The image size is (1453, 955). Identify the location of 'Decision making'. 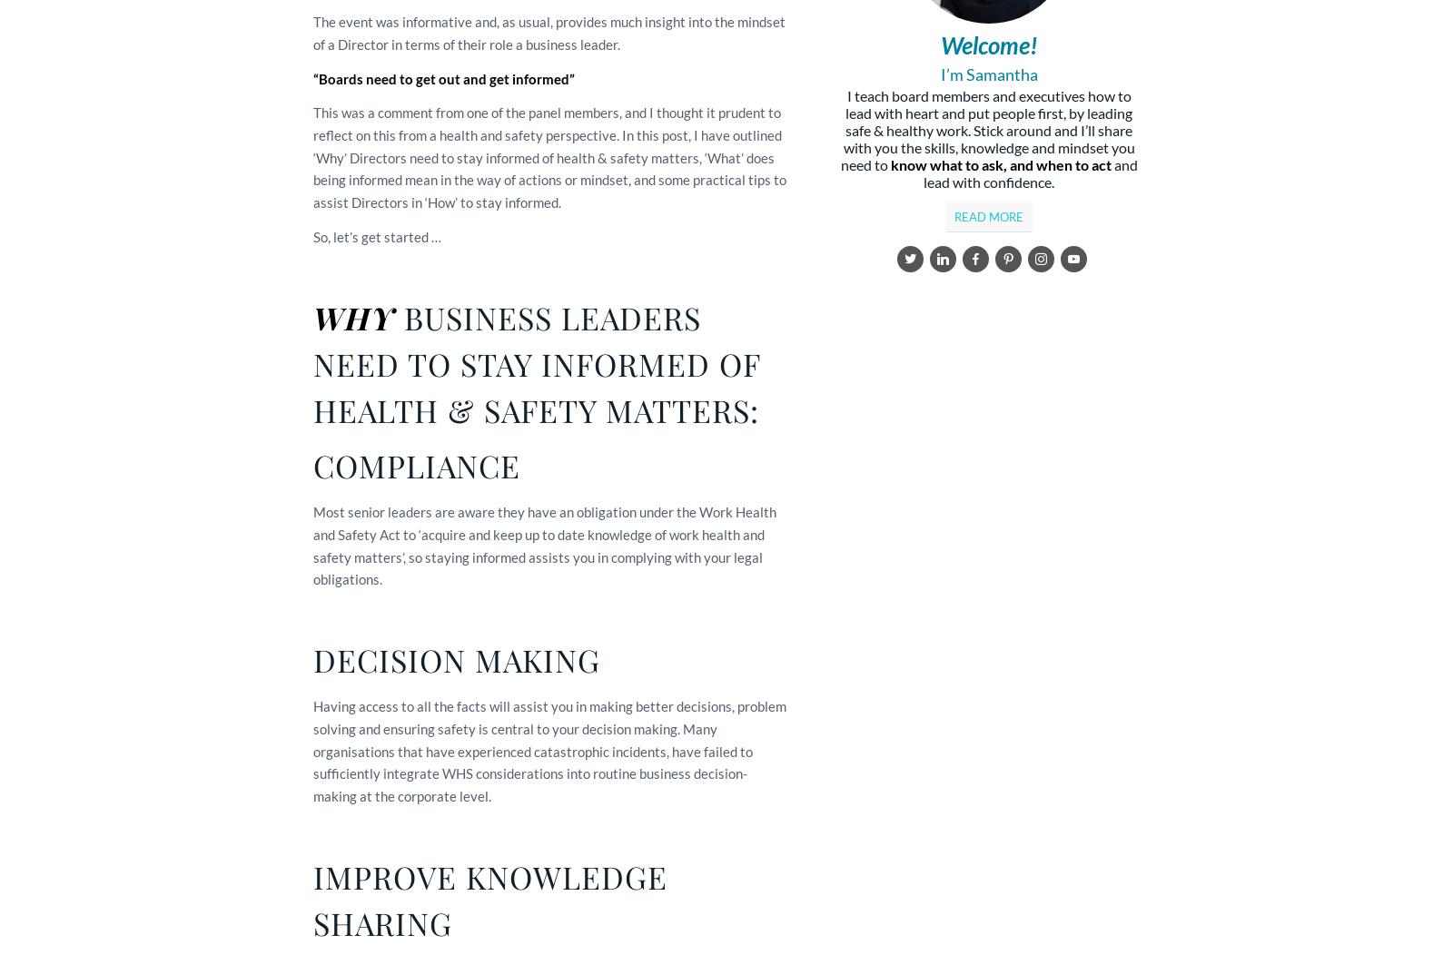
(312, 660).